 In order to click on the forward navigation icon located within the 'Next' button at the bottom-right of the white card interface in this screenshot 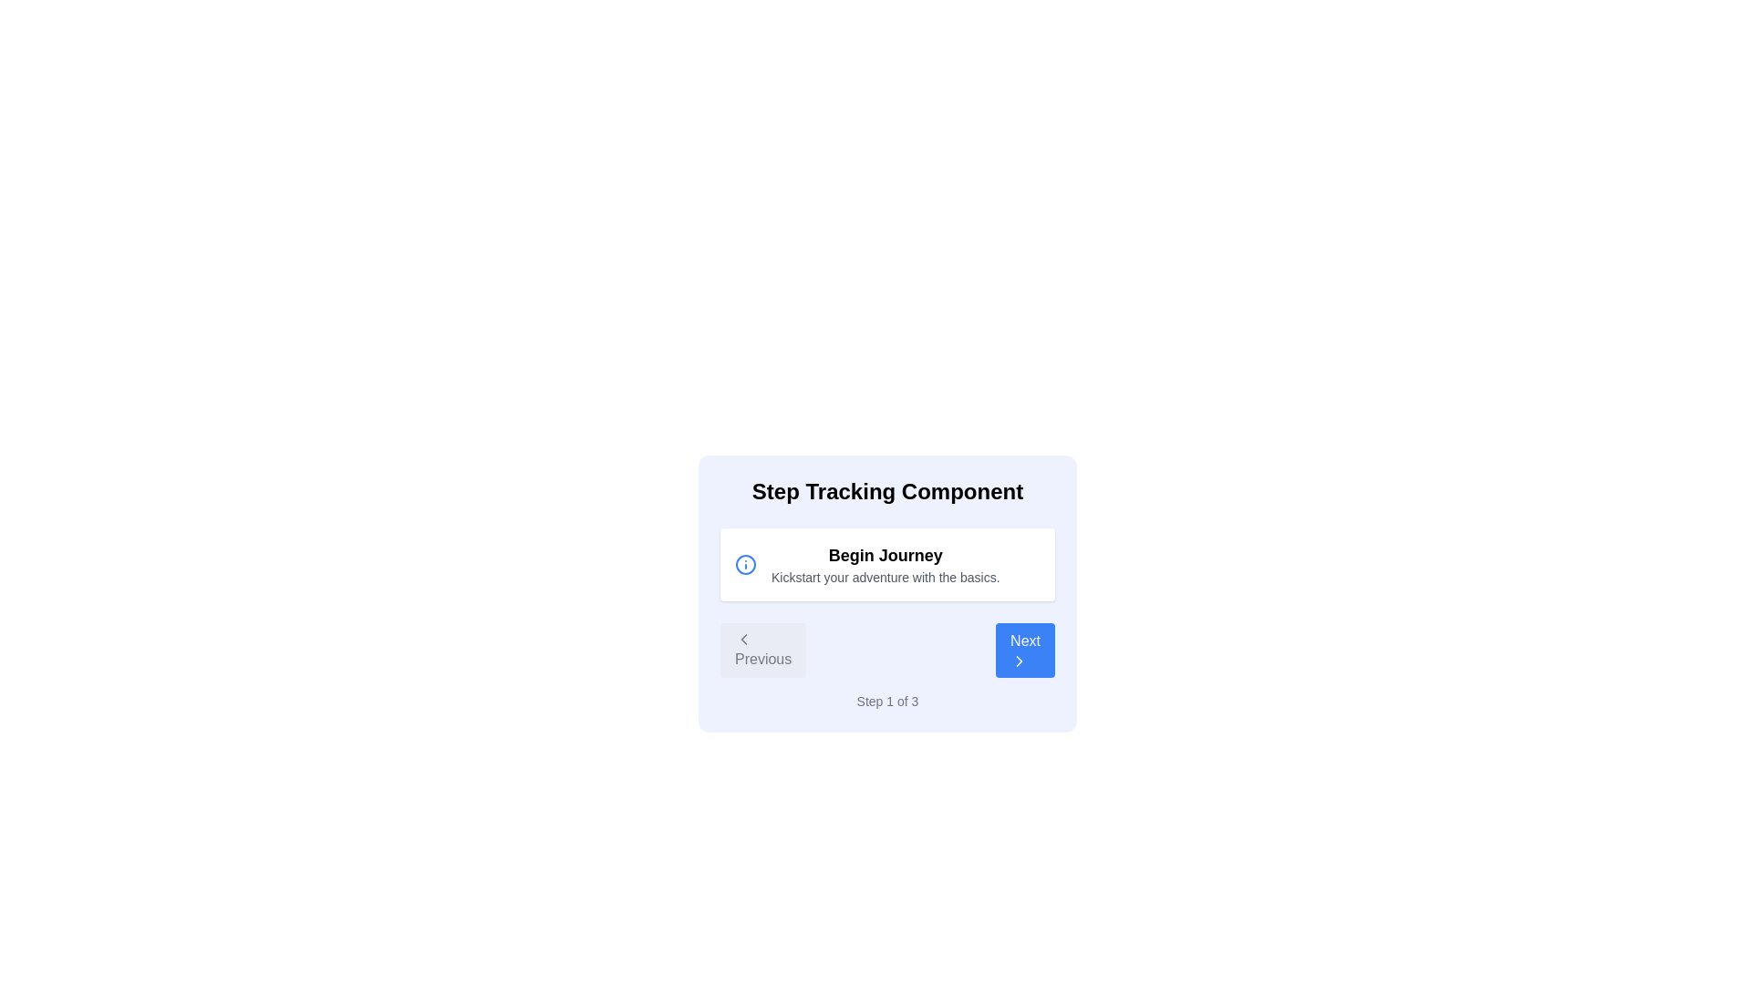, I will do `click(1019, 661)`.